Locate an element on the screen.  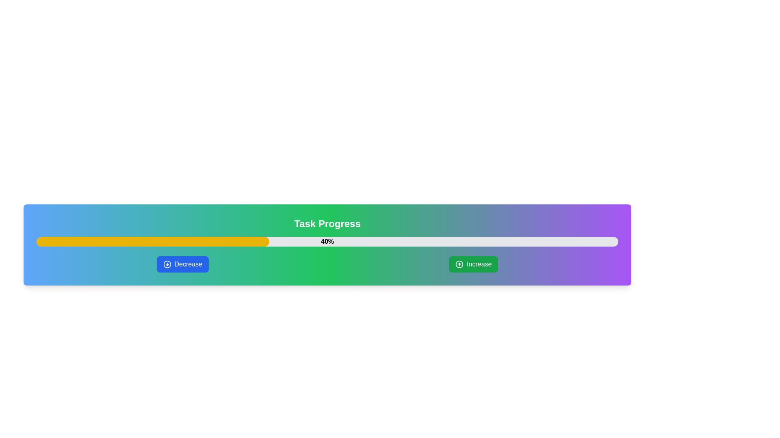
the circular icon with a green outer border and a white background located at the right side of the progress bar, adjacent to the 'Increase' button is located at coordinates (459, 264).